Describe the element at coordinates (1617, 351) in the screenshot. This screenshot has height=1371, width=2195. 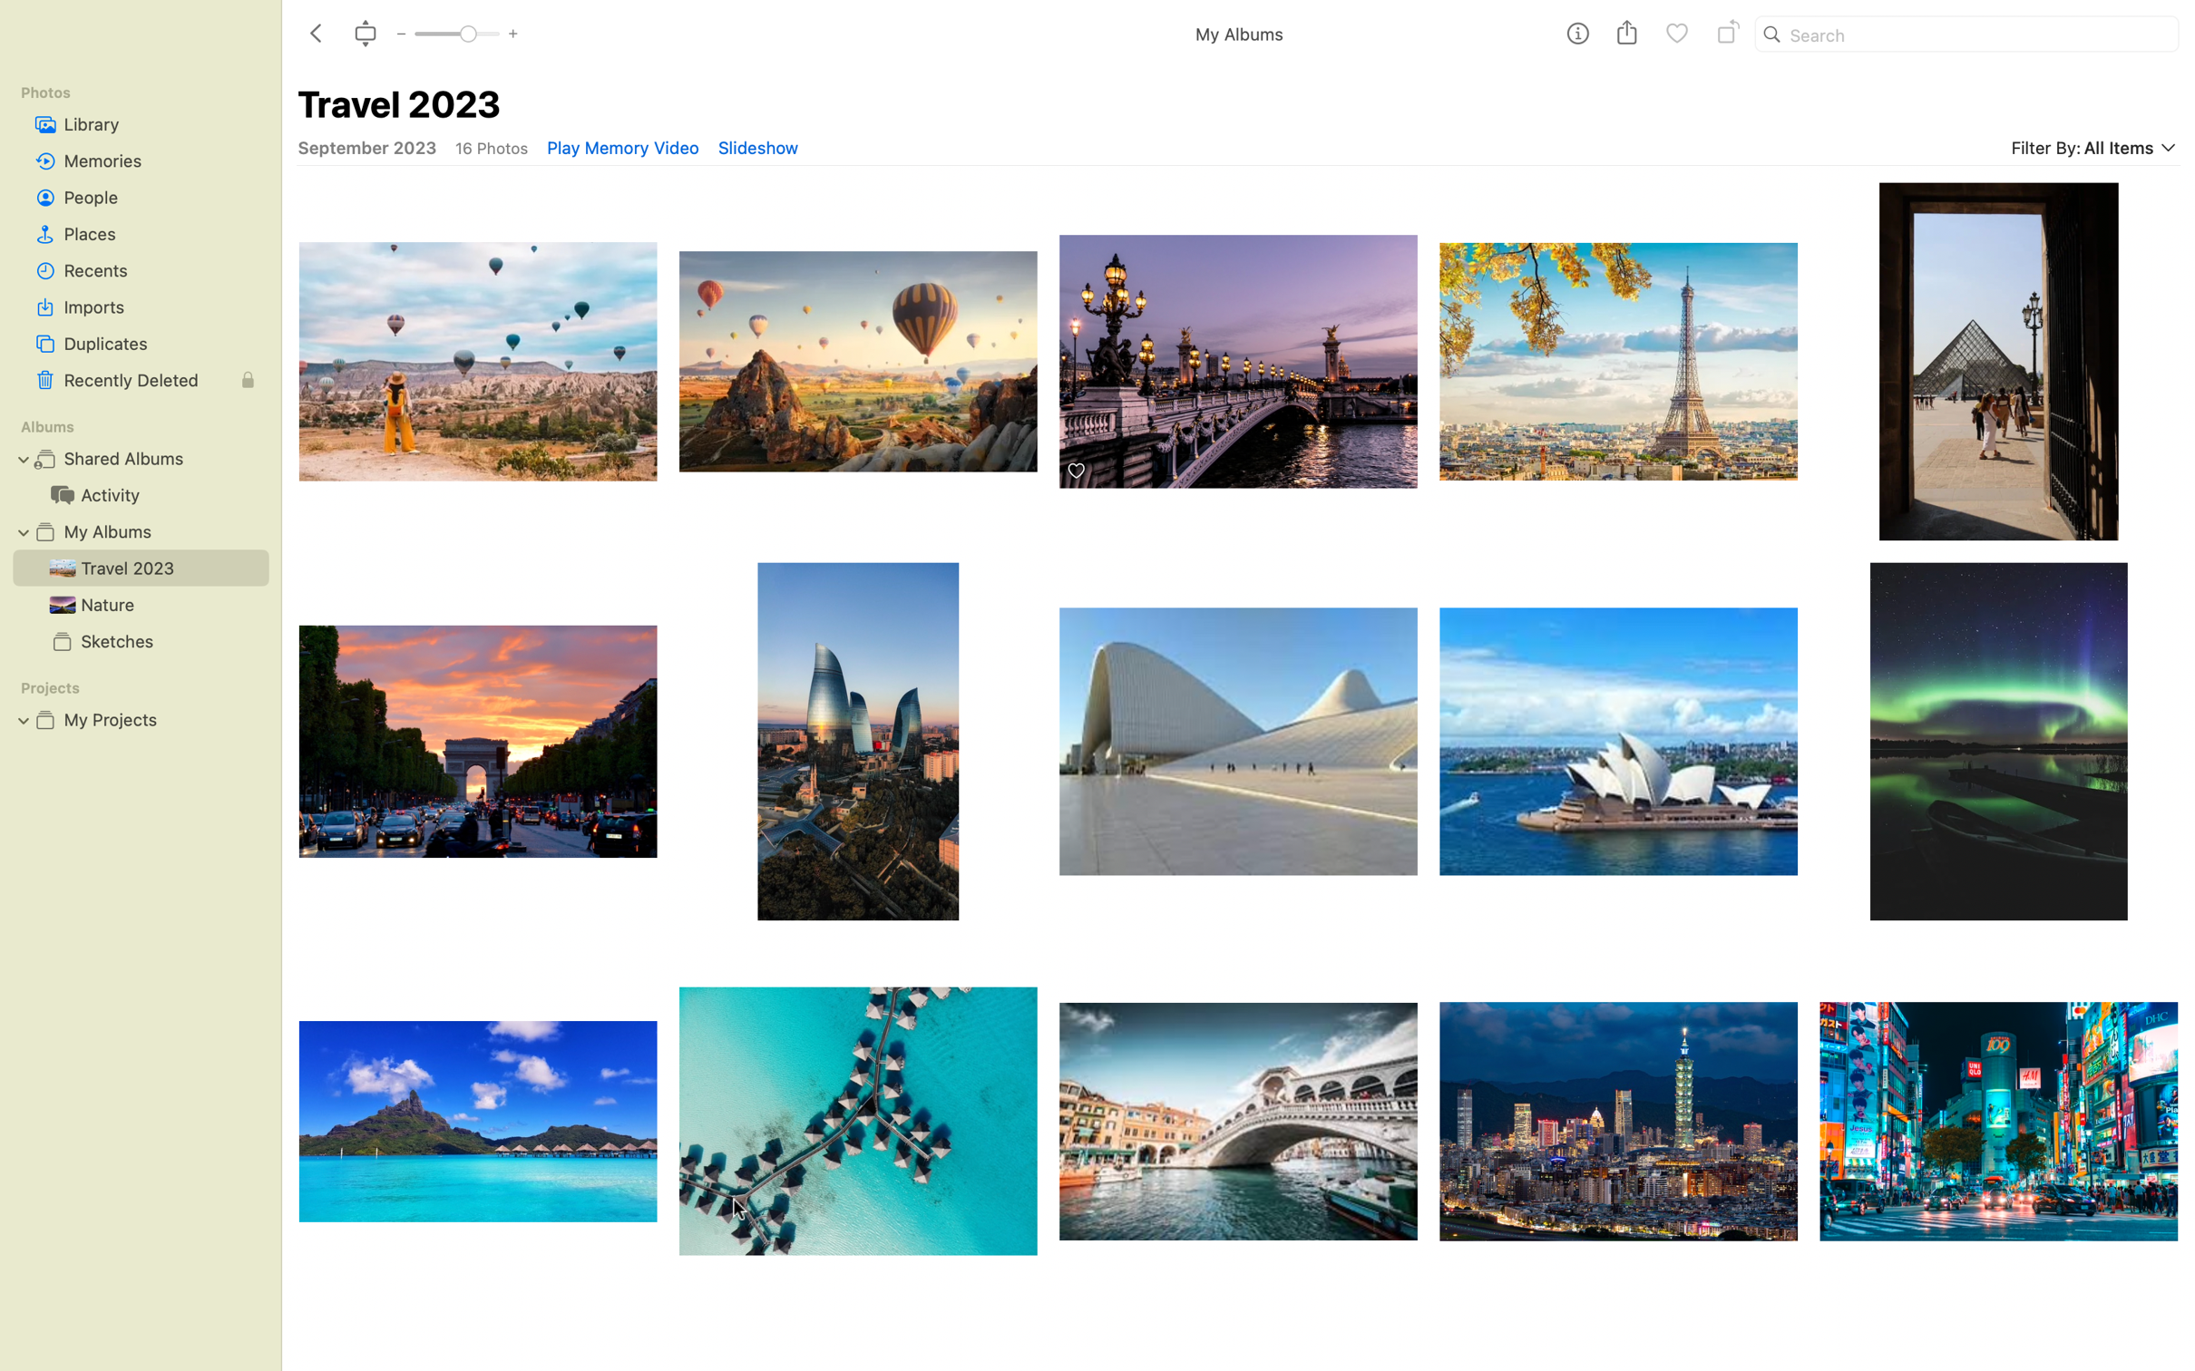
I see `Double rotation of Eiffel Tower Image` at that location.